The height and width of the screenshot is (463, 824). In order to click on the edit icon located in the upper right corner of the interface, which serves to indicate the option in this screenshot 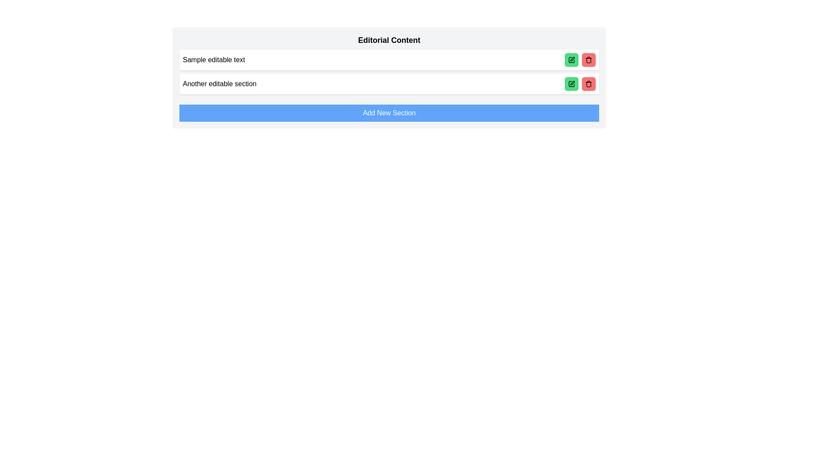, I will do `click(573, 59)`.